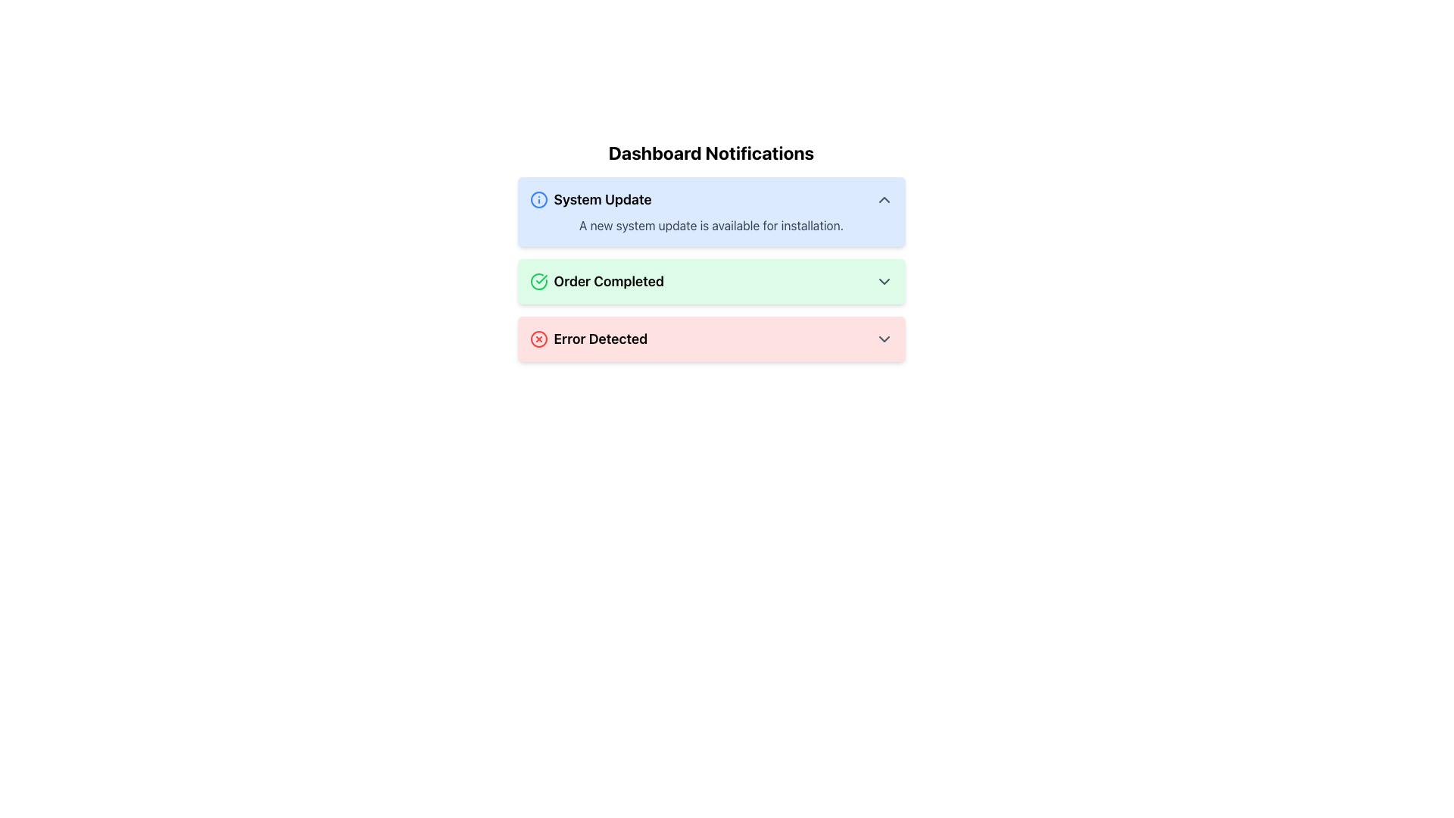 Image resolution: width=1454 pixels, height=818 pixels. What do you see at coordinates (602, 198) in the screenshot?
I see `text 'System Update' displayed in bold within the topmost notification card in the vertical list of notifications` at bounding box center [602, 198].